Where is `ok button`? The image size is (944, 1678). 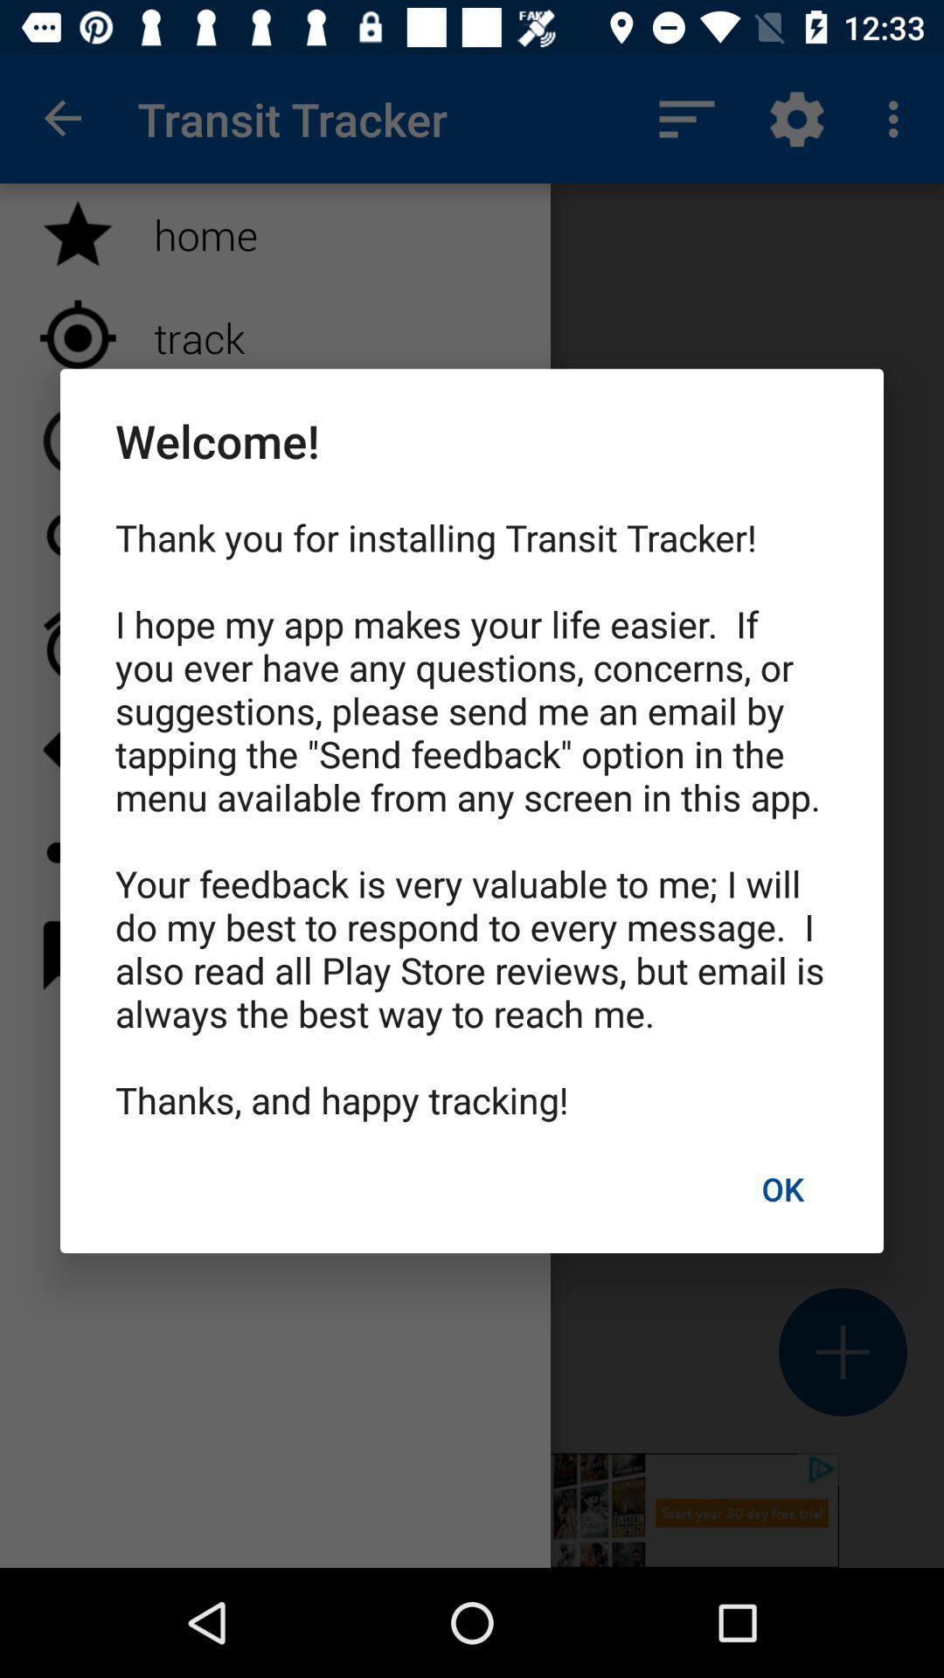
ok button is located at coordinates (781, 1189).